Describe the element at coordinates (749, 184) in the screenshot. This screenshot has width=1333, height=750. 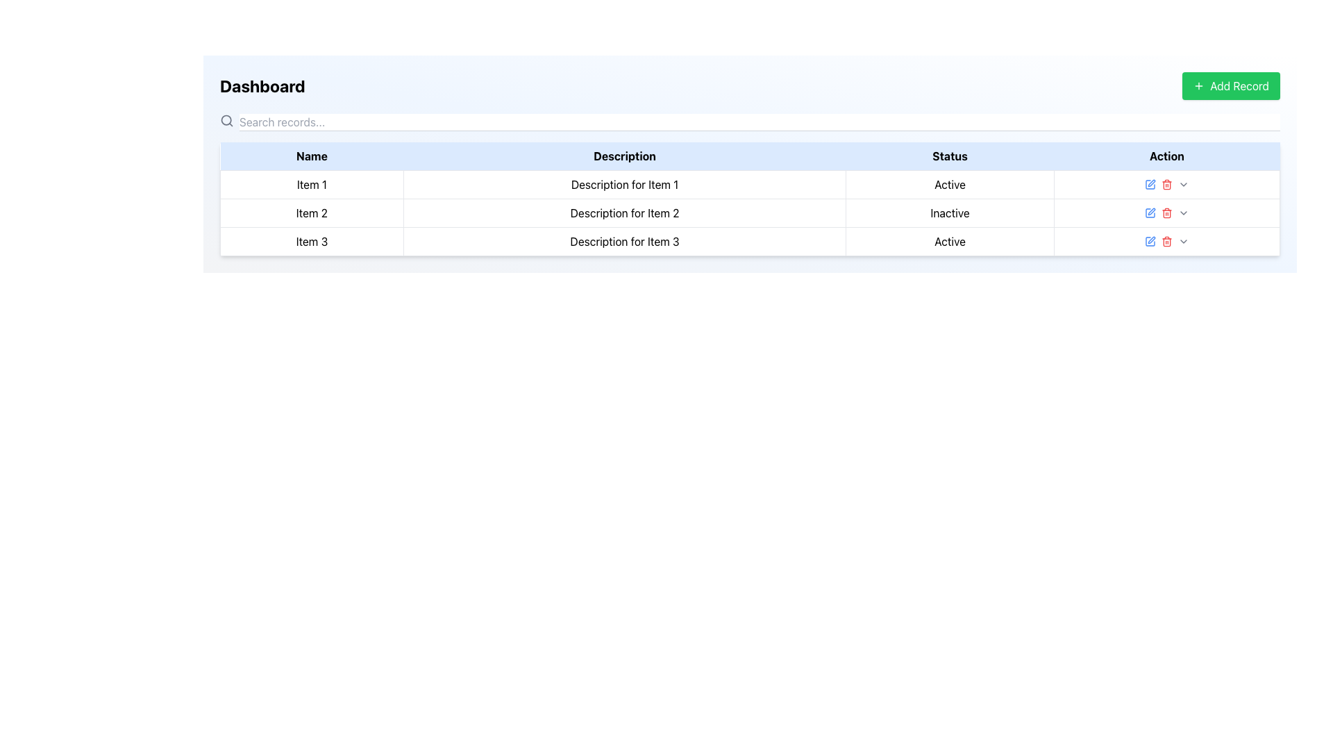
I see `the first row of the data table representing 'Item 1'` at that location.